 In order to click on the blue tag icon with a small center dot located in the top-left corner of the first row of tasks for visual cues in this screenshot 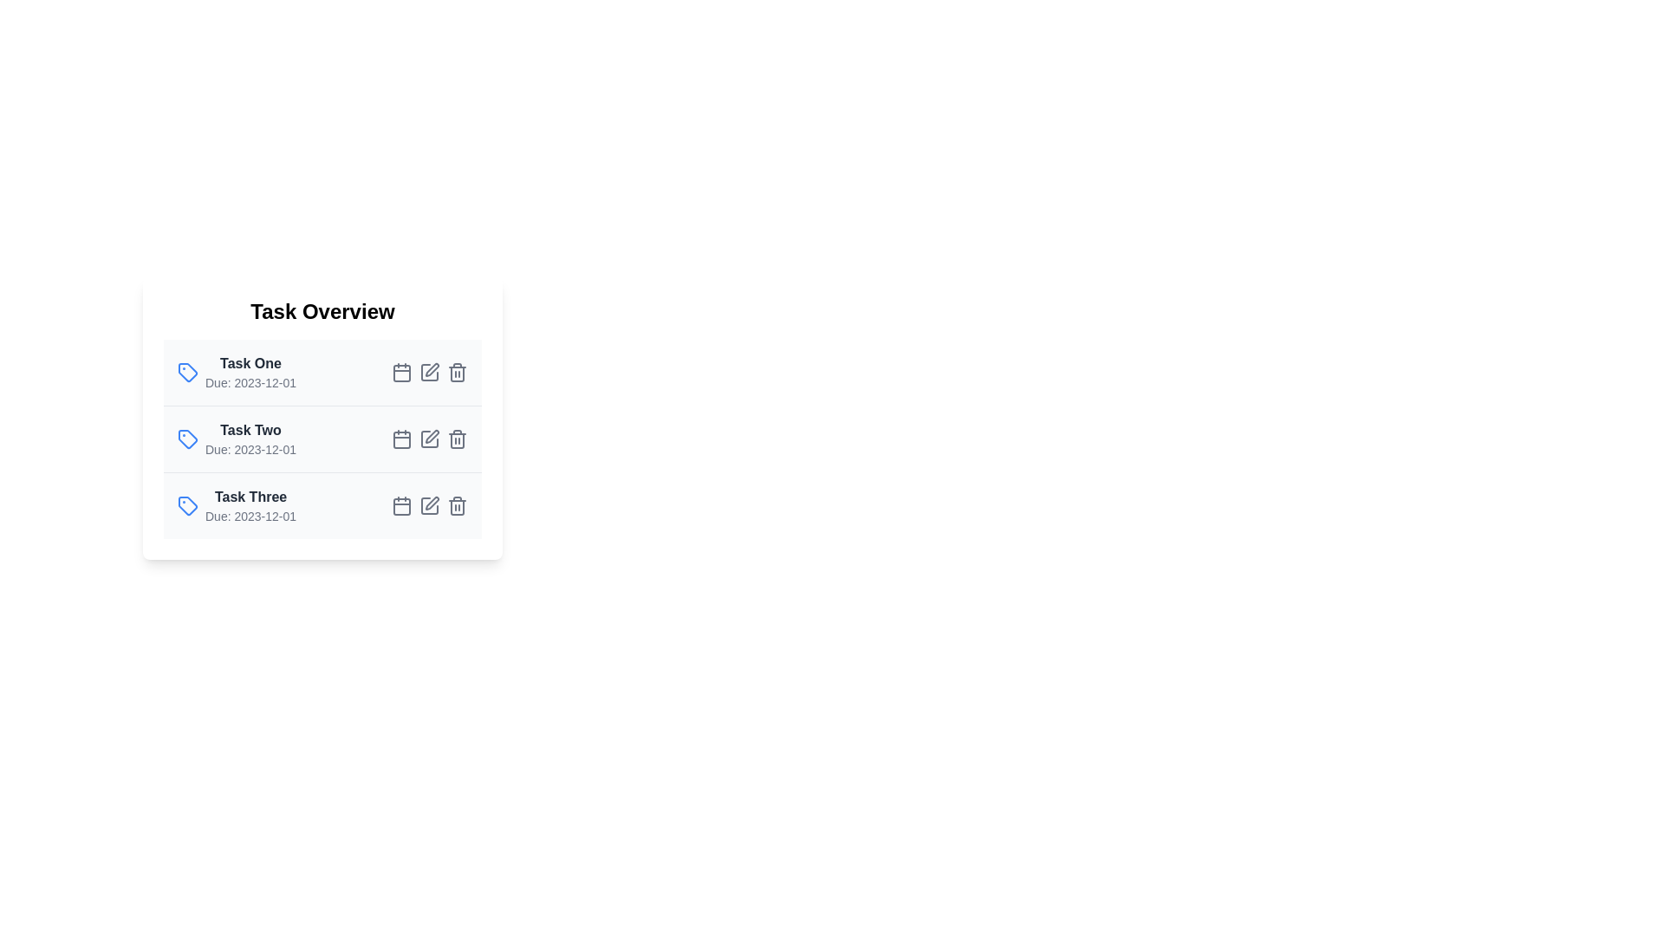, I will do `click(187, 371)`.